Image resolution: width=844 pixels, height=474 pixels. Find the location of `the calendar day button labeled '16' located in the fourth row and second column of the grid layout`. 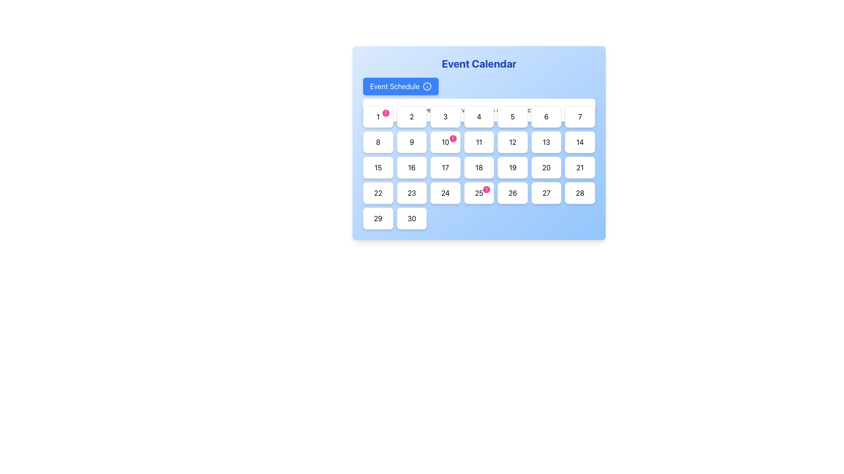

the calendar day button labeled '16' located in the fourth row and second column of the grid layout is located at coordinates (411, 167).